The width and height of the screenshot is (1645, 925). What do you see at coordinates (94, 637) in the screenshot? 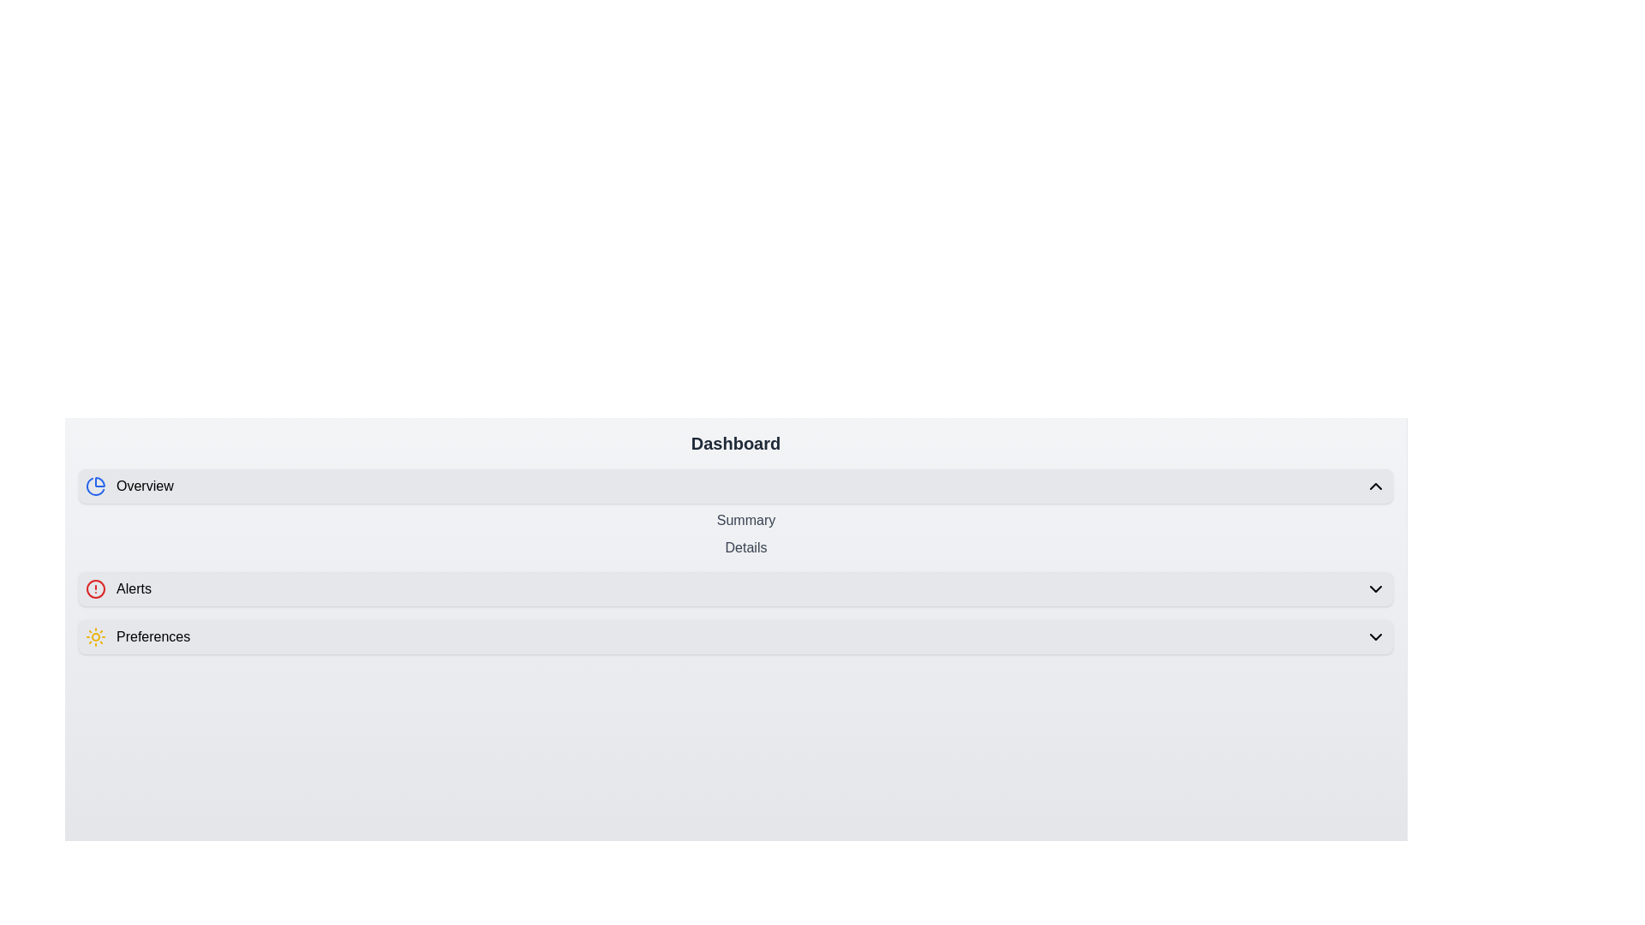
I see `the sun icon located at the rightmost edge of the 'Preferences' section` at bounding box center [94, 637].